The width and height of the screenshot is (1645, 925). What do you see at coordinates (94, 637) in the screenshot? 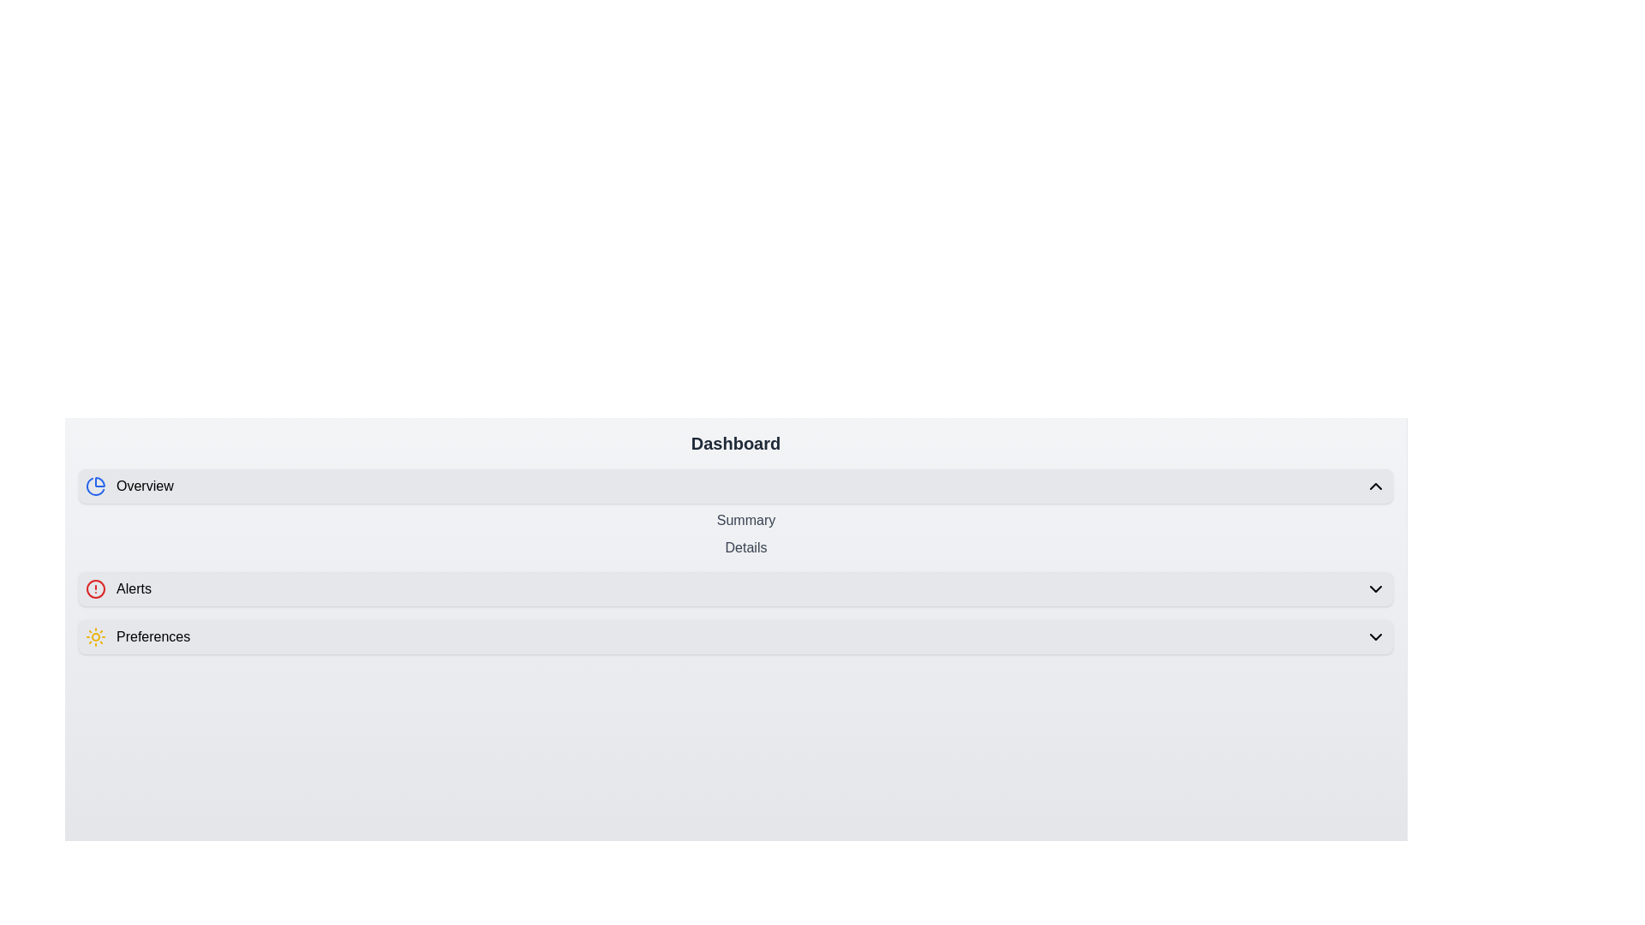
I see `the sun icon located at the rightmost edge of the 'Preferences' section` at bounding box center [94, 637].